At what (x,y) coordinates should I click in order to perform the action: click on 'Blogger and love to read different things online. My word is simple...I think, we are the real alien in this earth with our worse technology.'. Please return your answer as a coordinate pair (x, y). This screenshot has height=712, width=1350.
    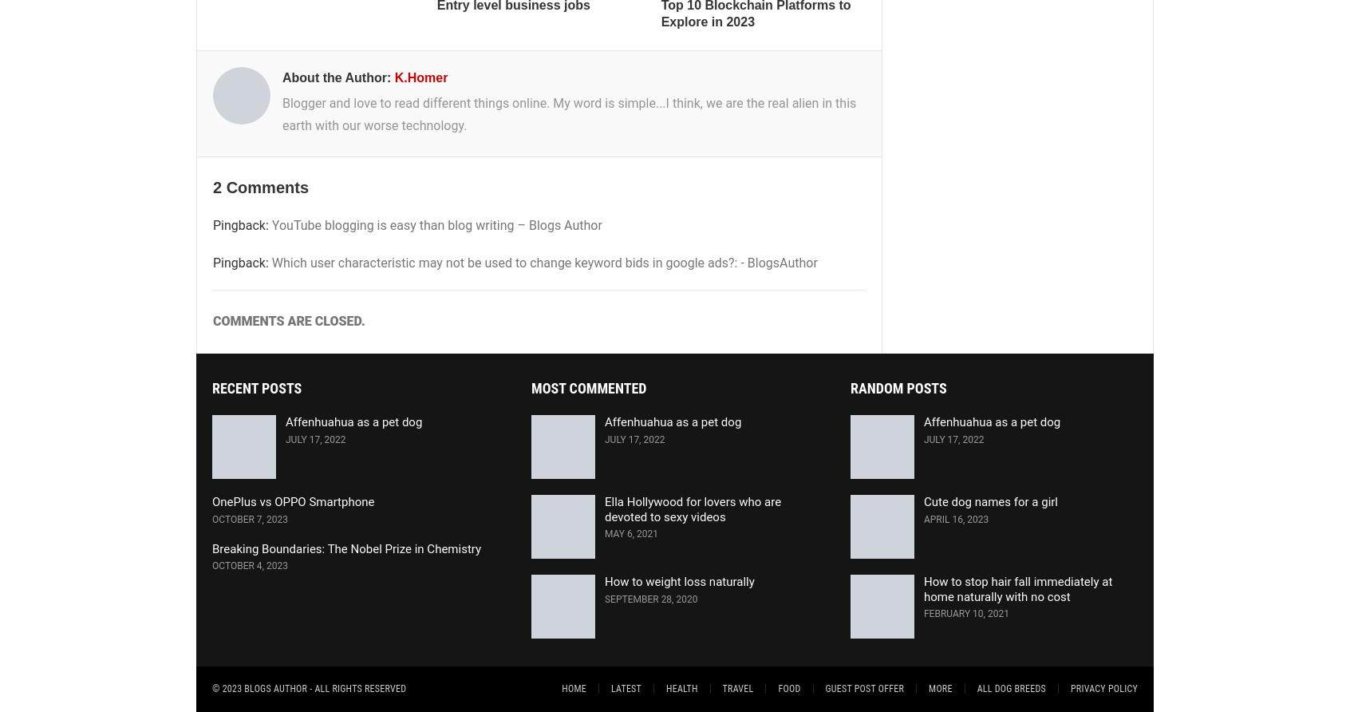
    Looking at the image, I should click on (568, 113).